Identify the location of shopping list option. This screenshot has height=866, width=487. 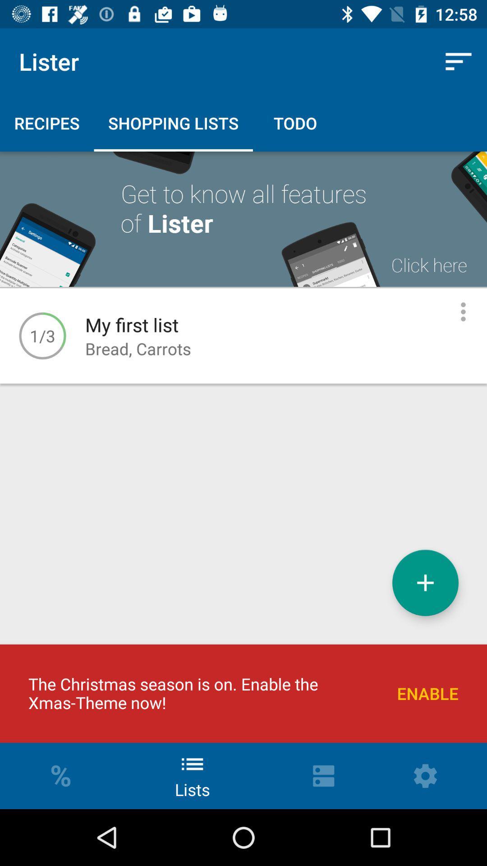
(425, 583).